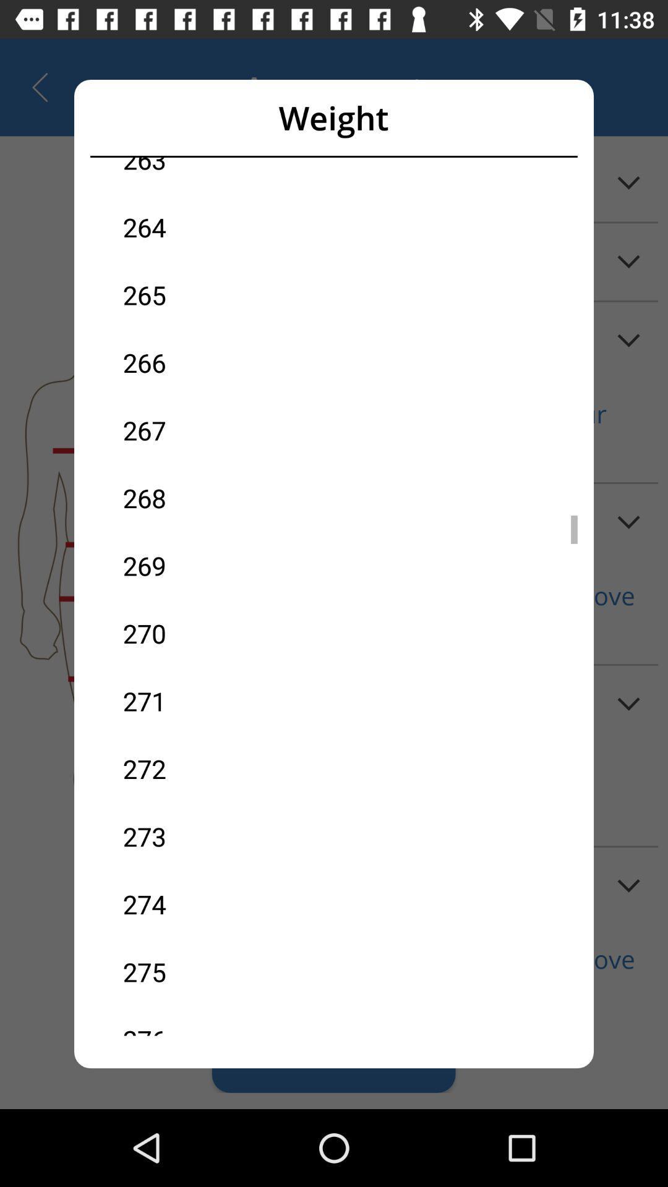 This screenshot has height=1187, width=668. Describe the element at coordinates (228, 633) in the screenshot. I see `270 item` at that location.